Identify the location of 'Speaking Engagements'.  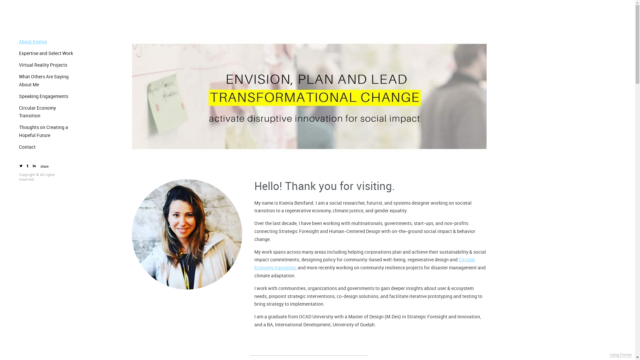
(44, 96).